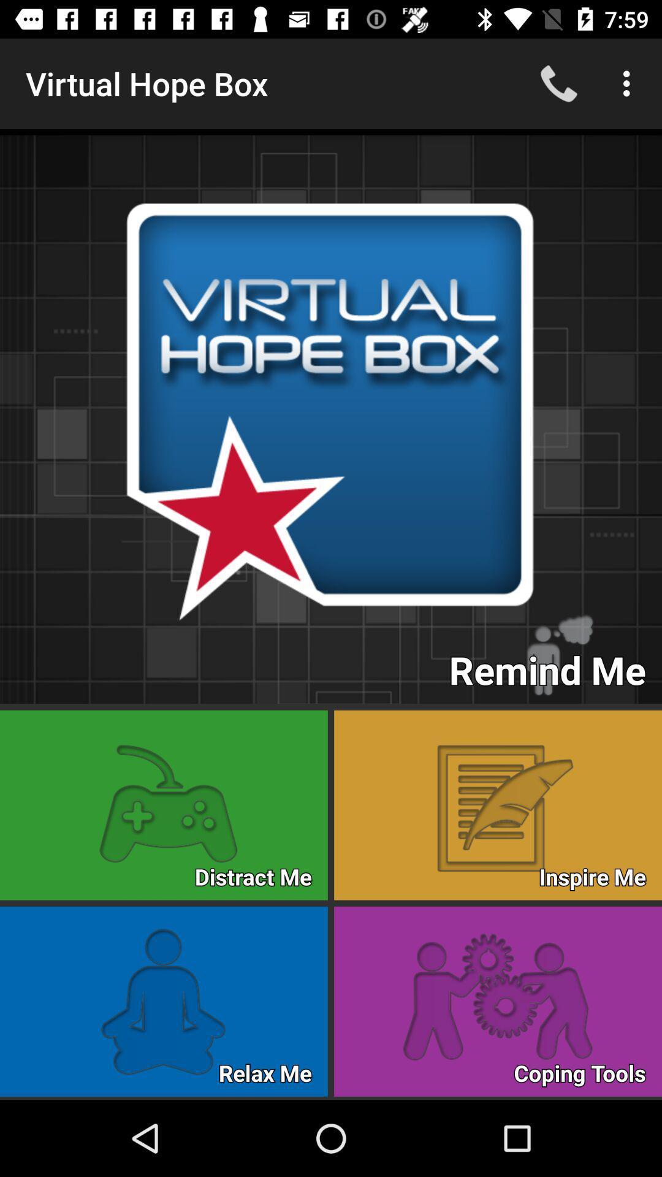 This screenshot has height=1177, width=662. Describe the element at coordinates (558, 83) in the screenshot. I see `the item to the right of virtual hope box app` at that location.